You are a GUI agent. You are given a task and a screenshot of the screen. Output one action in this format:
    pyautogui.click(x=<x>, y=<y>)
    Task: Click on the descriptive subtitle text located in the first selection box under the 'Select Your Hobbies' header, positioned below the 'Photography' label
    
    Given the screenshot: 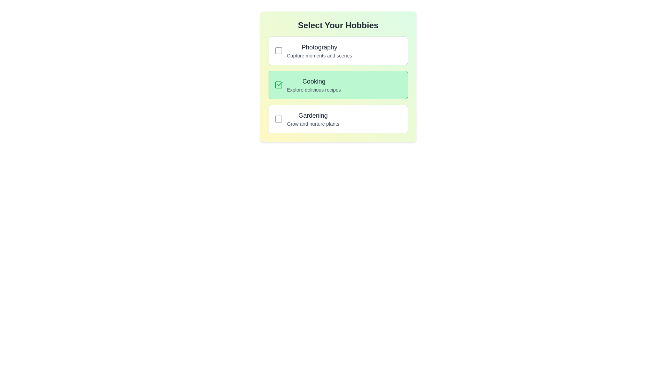 What is the action you would take?
    pyautogui.click(x=319, y=55)
    